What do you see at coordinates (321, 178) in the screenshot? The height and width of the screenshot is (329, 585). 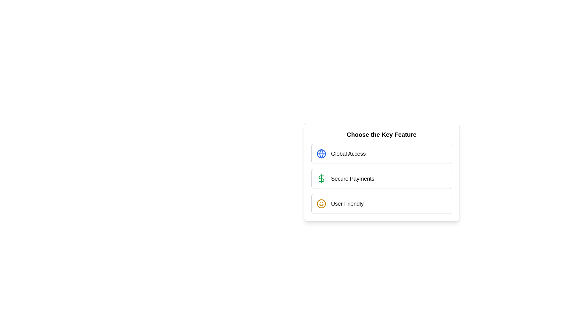 I see `the secure payments icon located next to the 'Secure Payments' text within the 'Choose the Key Feature' options` at bounding box center [321, 178].